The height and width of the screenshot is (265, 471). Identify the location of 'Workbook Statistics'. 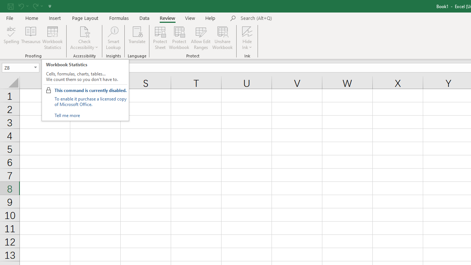
(52, 38).